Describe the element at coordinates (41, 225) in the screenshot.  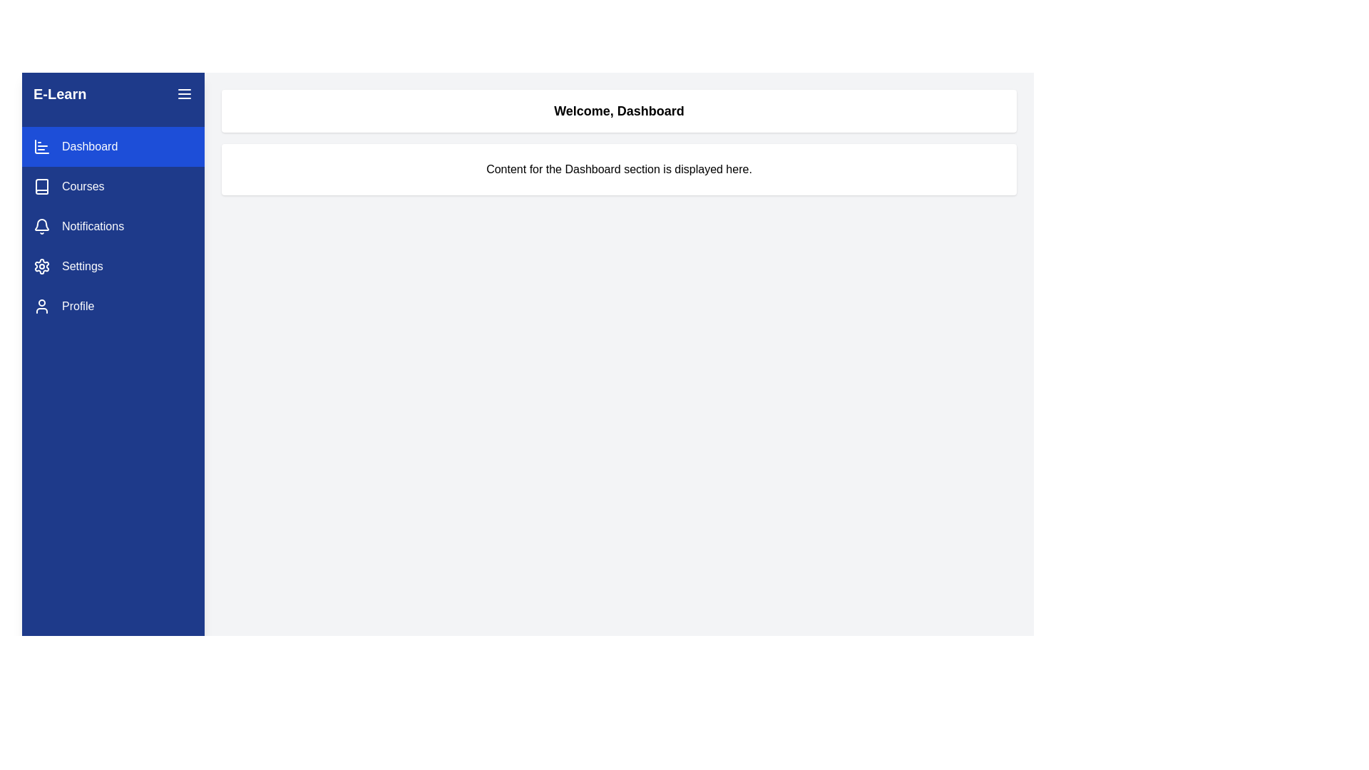
I see `the bell icon in the Notifications entry of the vertical navigation menu` at that location.